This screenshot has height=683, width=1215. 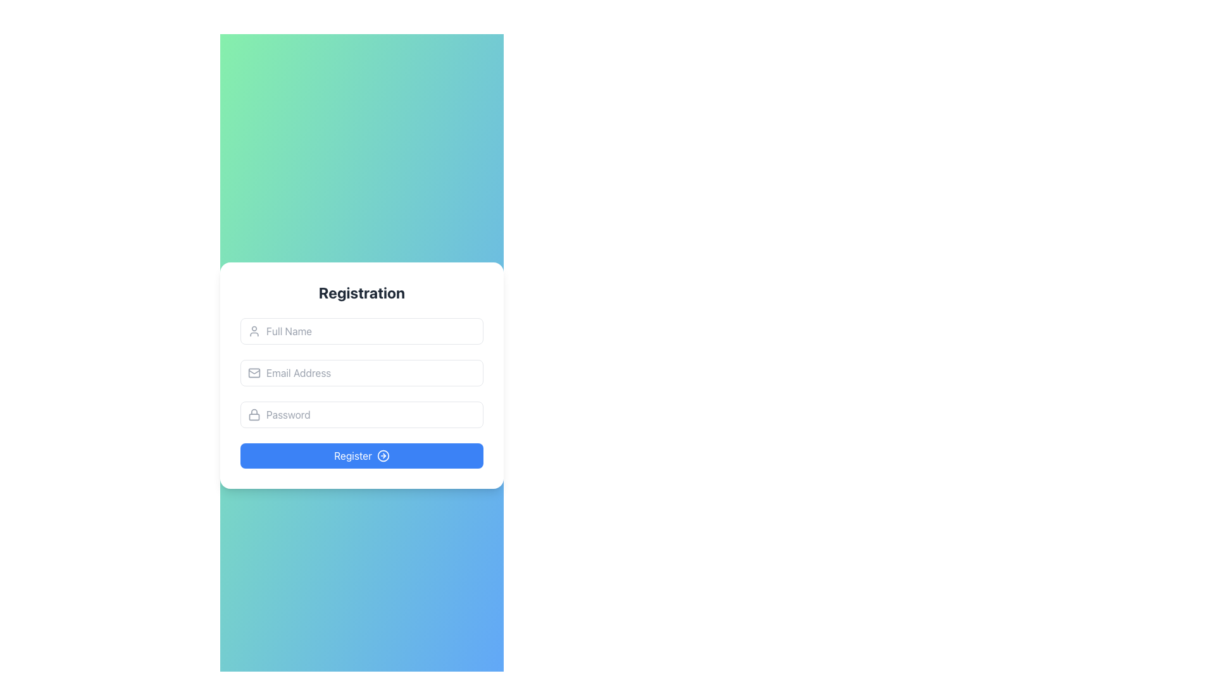 I want to click on the header text label indicating user registration, which is positioned above the input fields in the form, so click(x=361, y=292).